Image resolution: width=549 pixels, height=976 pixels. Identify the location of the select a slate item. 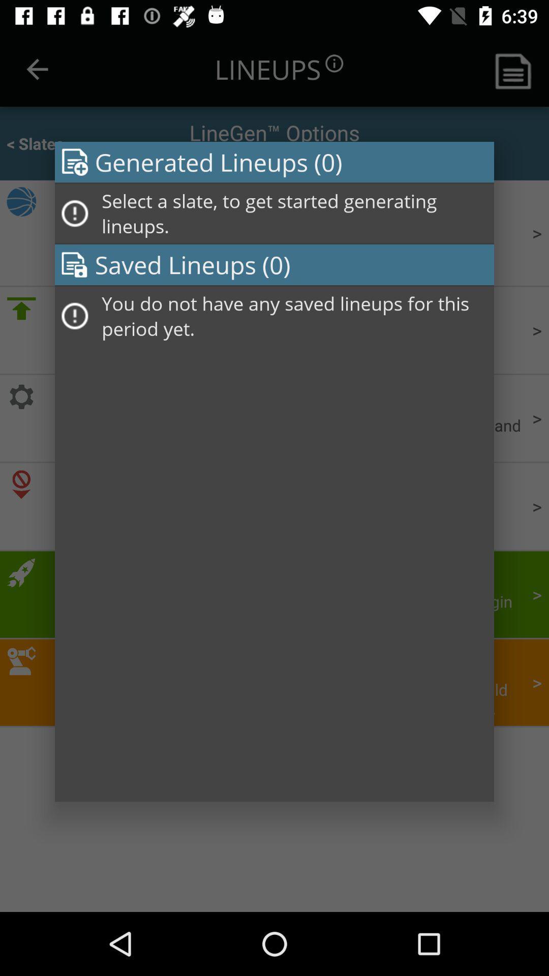
(294, 213).